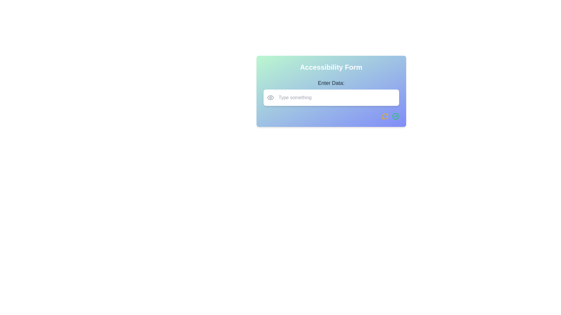  What do you see at coordinates (331, 67) in the screenshot?
I see `prominent header text 'Accessibility Form' styled in white, centered at the top of the card-like component` at bounding box center [331, 67].